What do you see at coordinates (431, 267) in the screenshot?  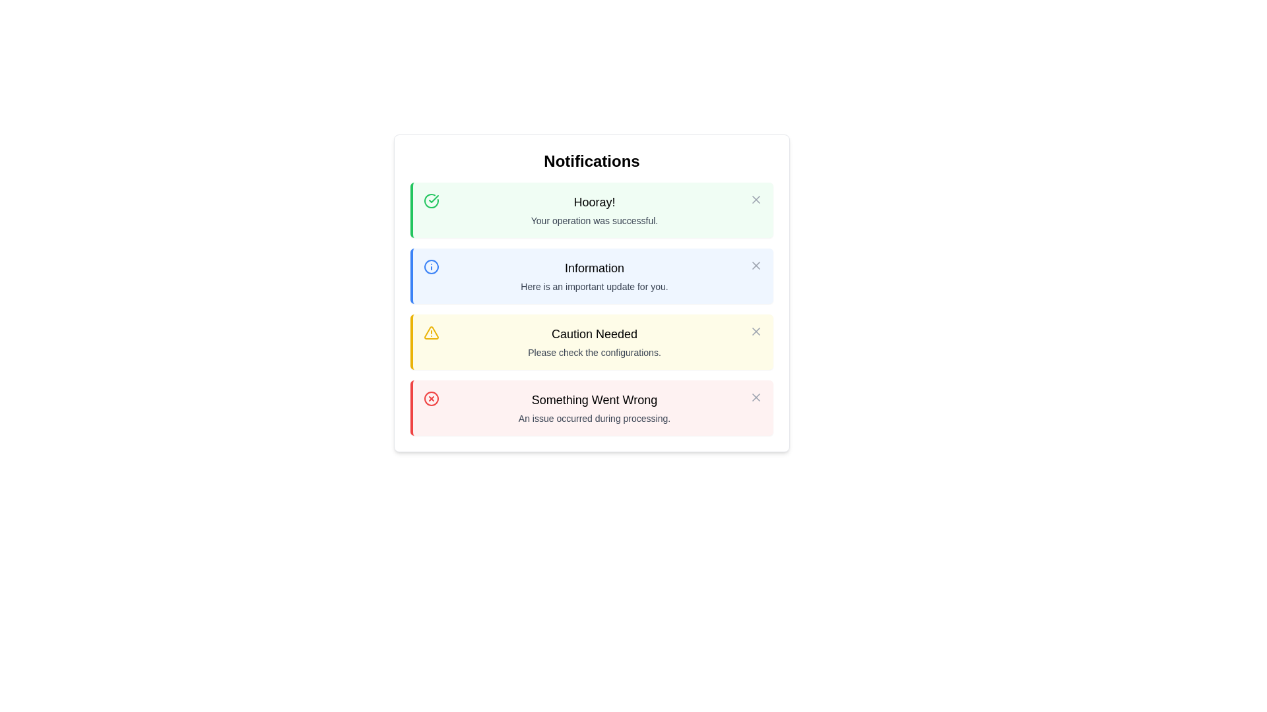 I see `the blue-stroked circular SVG element that serves as a visual marker in the 'Information' notification, located in the second row to the left of the text 'Information'` at bounding box center [431, 267].